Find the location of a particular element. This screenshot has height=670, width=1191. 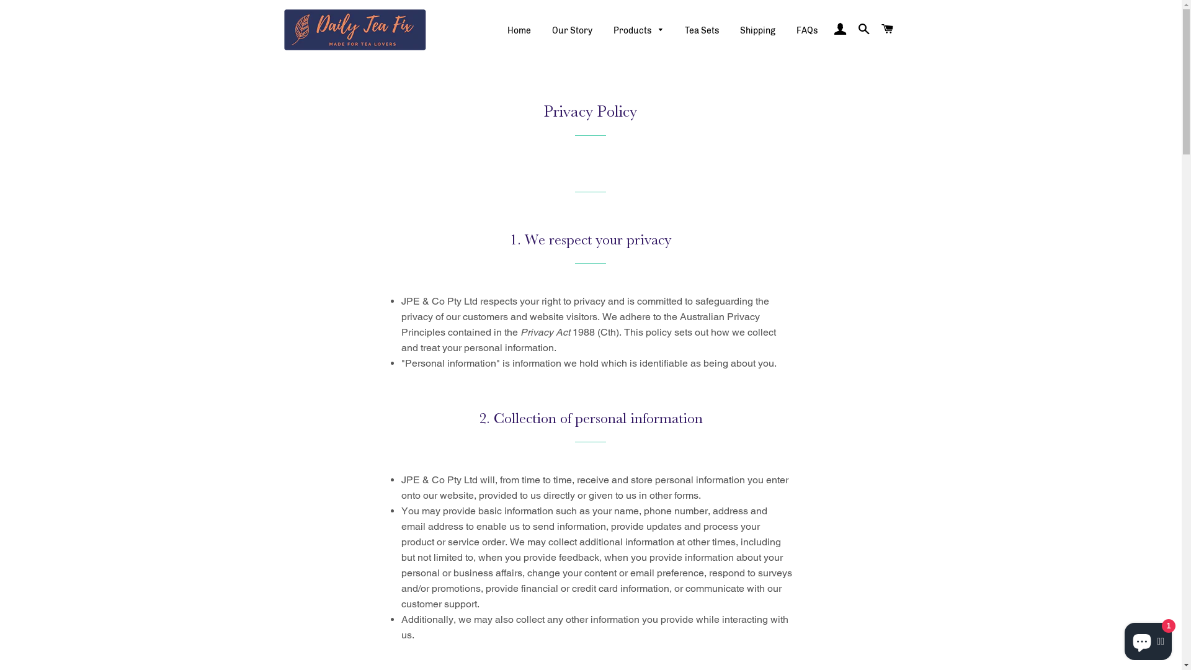

'Our Story' is located at coordinates (542, 30).